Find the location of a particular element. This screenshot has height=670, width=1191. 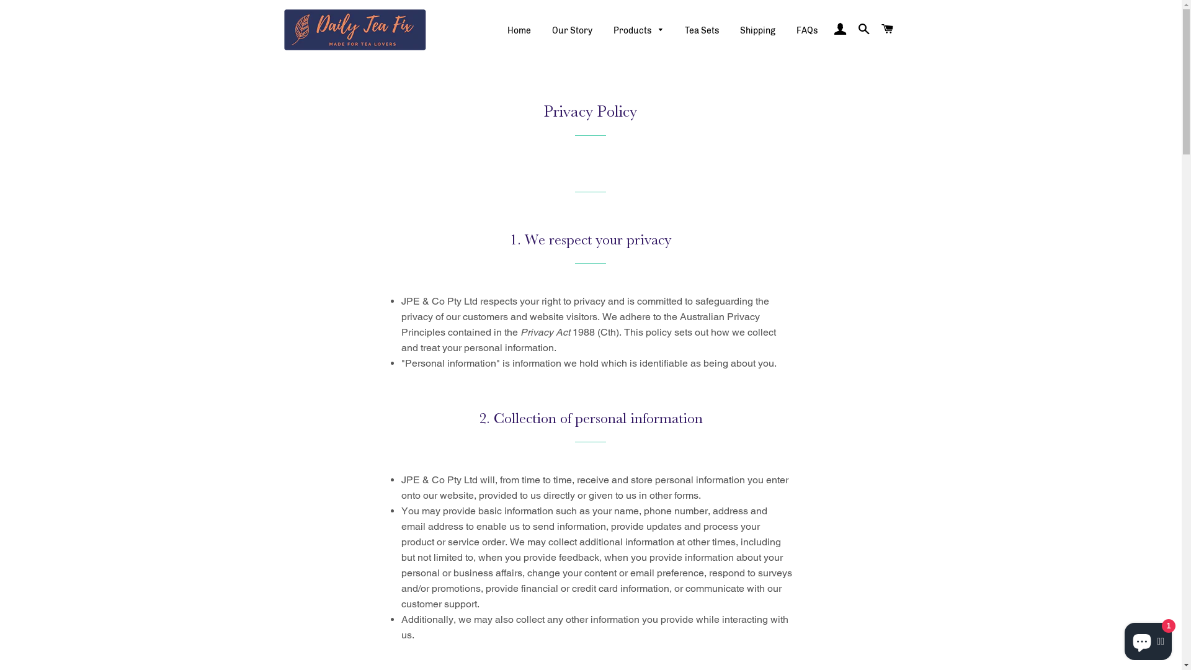

'Our Story' is located at coordinates (542, 30).